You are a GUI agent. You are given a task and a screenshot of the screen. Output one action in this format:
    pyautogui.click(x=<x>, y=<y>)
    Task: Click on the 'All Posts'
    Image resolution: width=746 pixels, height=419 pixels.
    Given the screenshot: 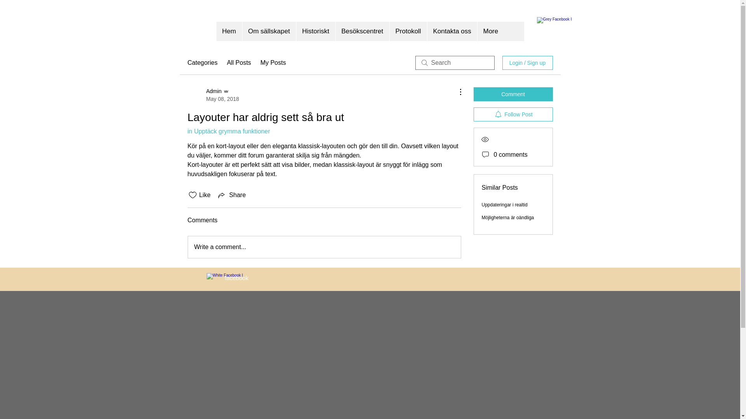 What is the action you would take?
    pyautogui.click(x=238, y=62)
    